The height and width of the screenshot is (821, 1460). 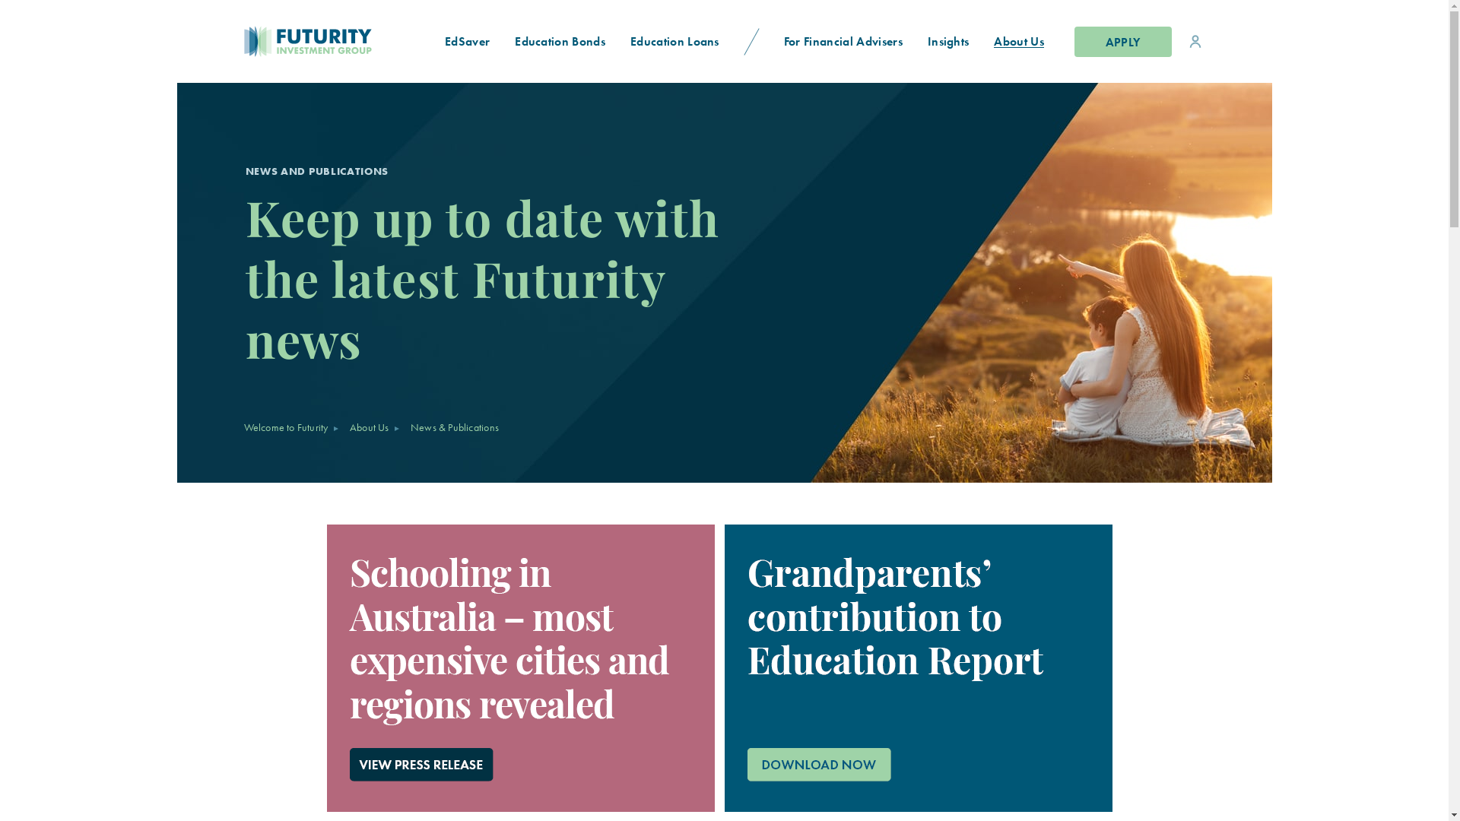 What do you see at coordinates (1019, 40) in the screenshot?
I see `'About Us'` at bounding box center [1019, 40].